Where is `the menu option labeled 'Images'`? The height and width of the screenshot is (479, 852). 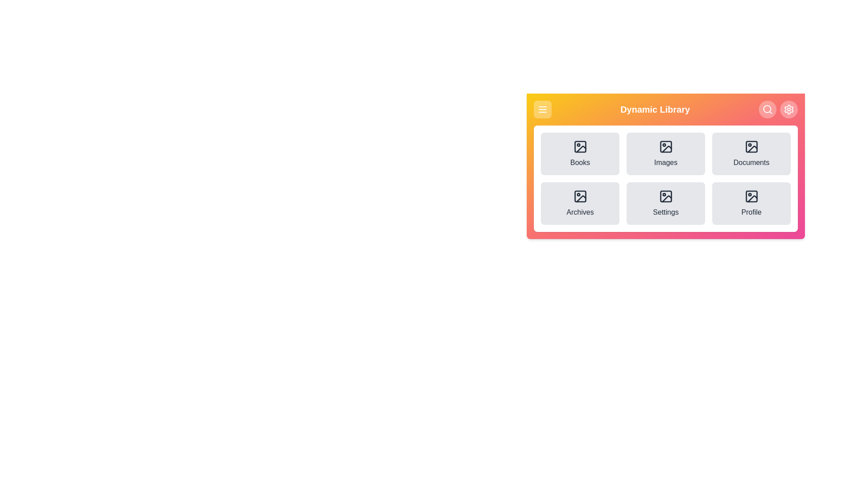 the menu option labeled 'Images' is located at coordinates (666, 153).